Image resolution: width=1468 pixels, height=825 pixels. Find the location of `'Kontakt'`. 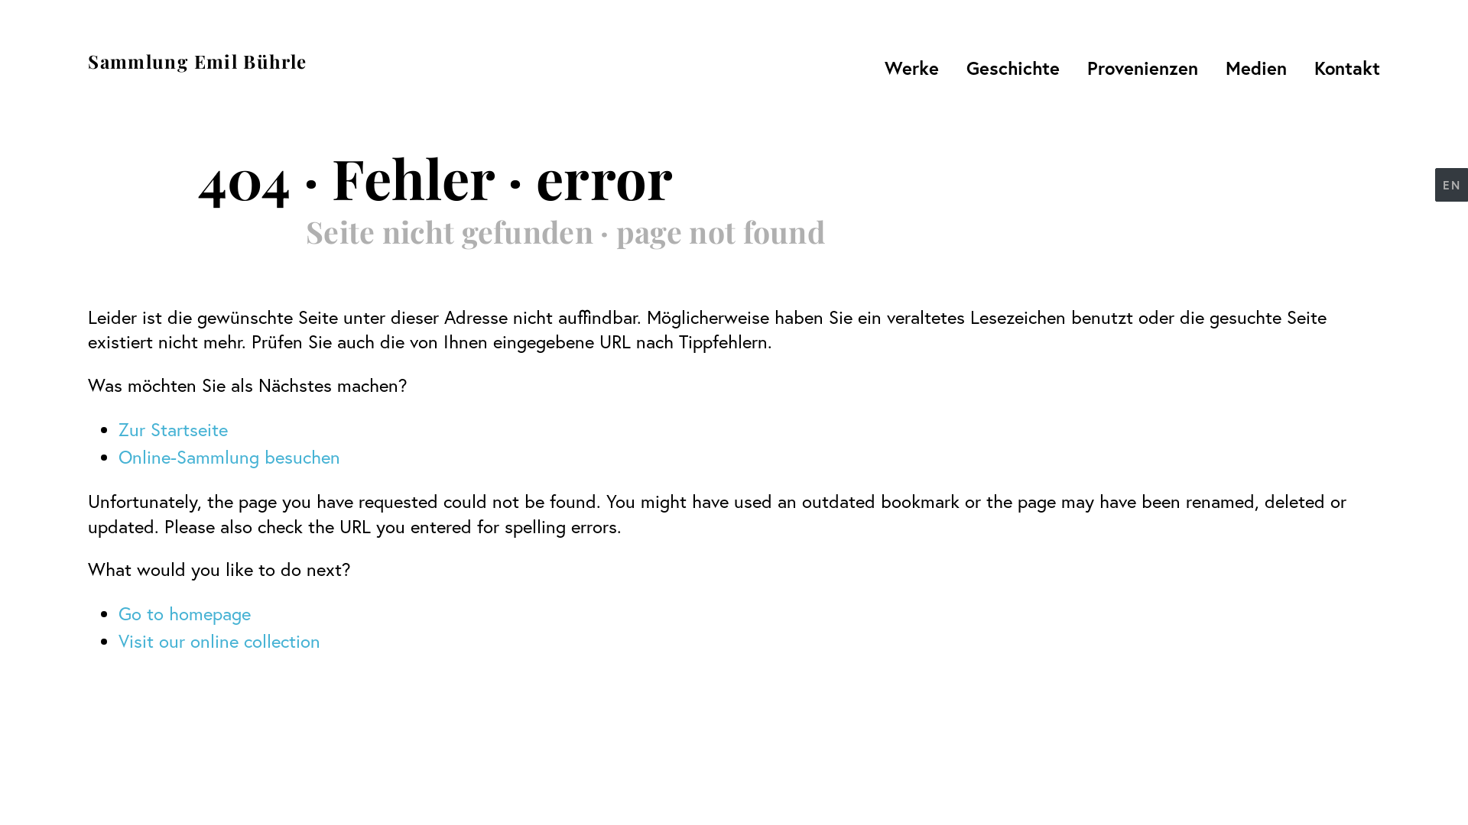

'Kontakt' is located at coordinates (1304, 66).